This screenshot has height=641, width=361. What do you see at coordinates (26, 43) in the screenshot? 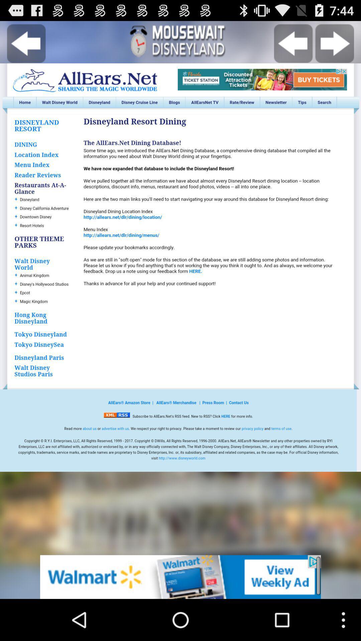
I see `go back` at bounding box center [26, 43].